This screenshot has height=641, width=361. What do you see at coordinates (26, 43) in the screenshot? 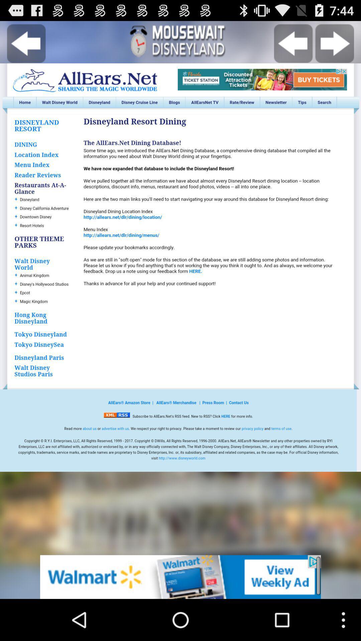
I see `go back` at bounding box center [26, 43].